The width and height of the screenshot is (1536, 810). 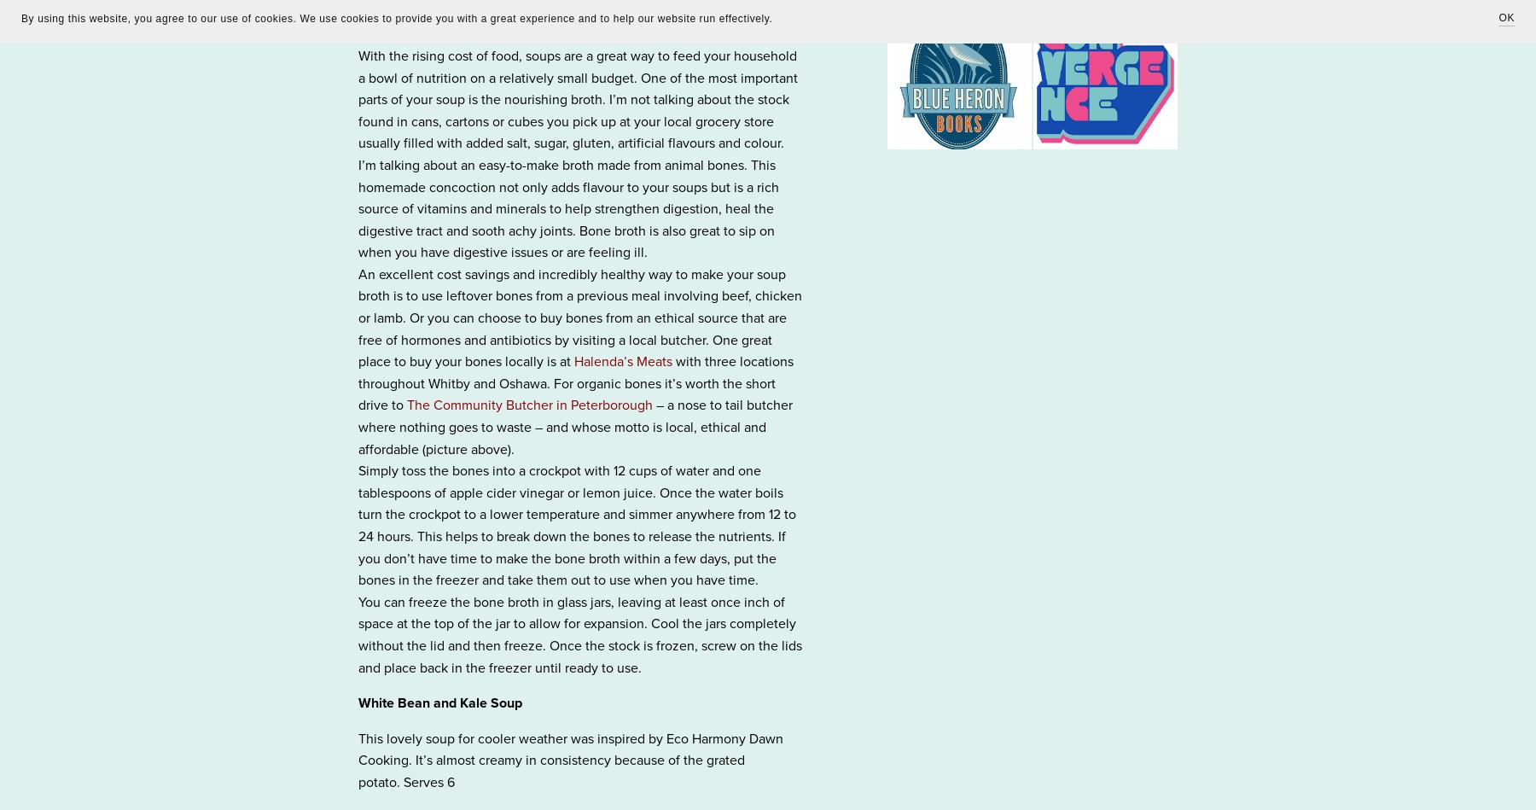 I want to click on 'With the rising cost of food, soups are a great way to feed your household a bowl of nutrition on a relatively small budget. One of the most important parts of your soup is the nourishing broth. I’m not talking about the stock found in cans, cartons or cubes you pick up at your local grocery store usually filled with added salt, sugar, gluten, artificial flavours and colour. I’m talking about an easy-to-make broth made from animal bones. This homemade concoction not only adds flavour to your soups but is a rich source of vitamins and minerals to help strengthen digestion, heal the digestive tract and sooth achy joints. Bone broth is also great to sip on when you have digestive issues or are feeling ill.', so click(x=577, y=153).